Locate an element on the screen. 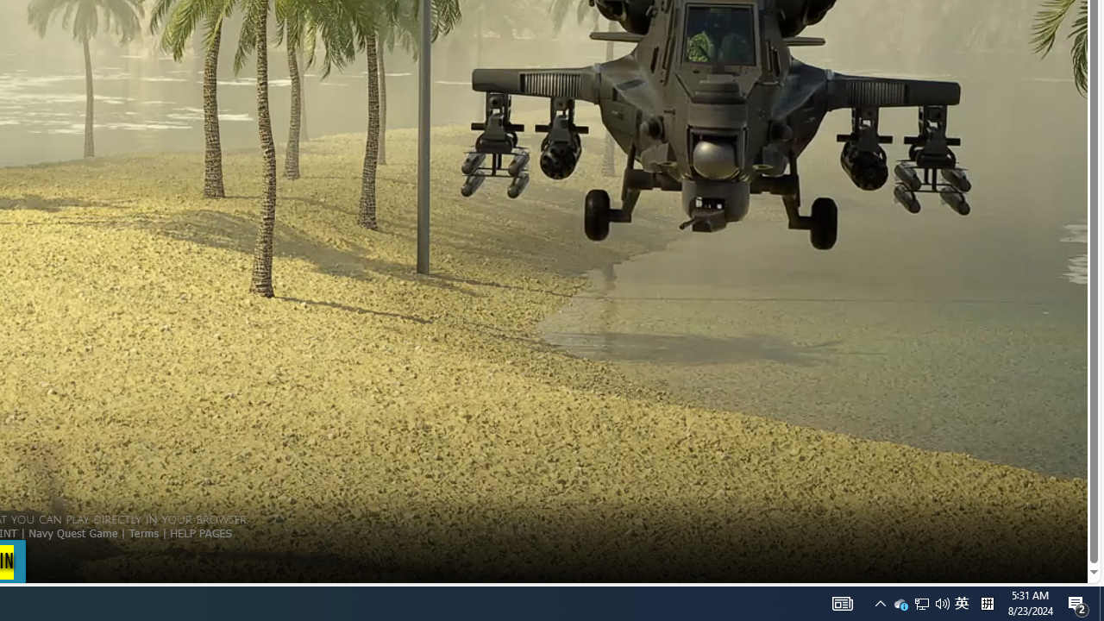 The width and height of the screenshot is (1104, 621). 'Navy Quest Game' is located at coordinates (72, 531).